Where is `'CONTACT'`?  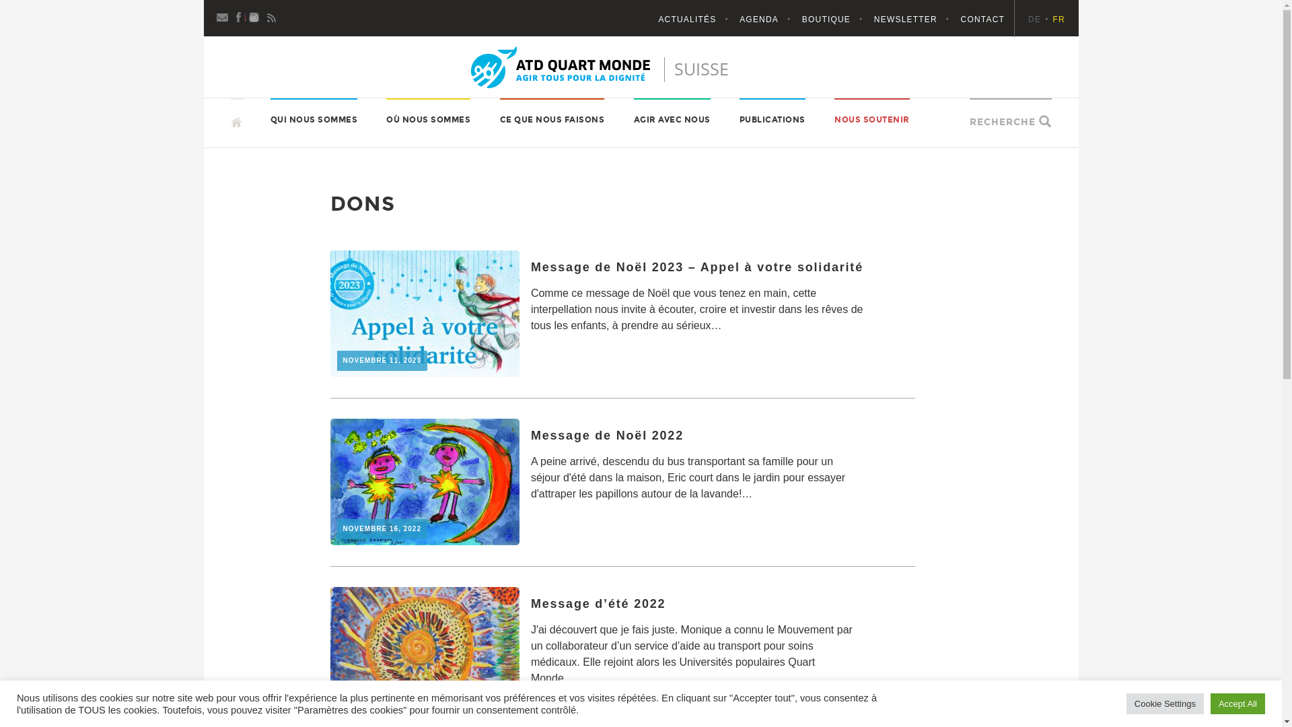
'CONTACT' is located at coordinates (982, 20).